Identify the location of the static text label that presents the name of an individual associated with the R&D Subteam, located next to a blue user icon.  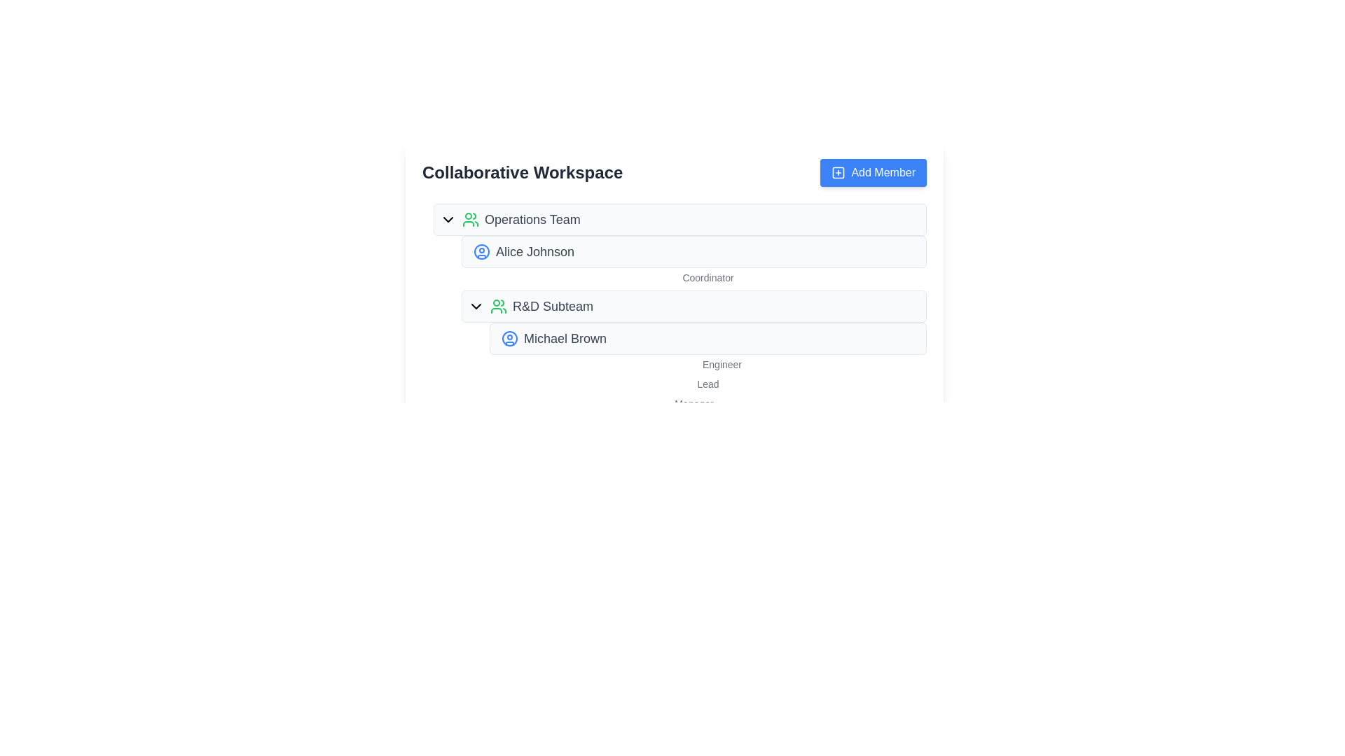
(565, 338).